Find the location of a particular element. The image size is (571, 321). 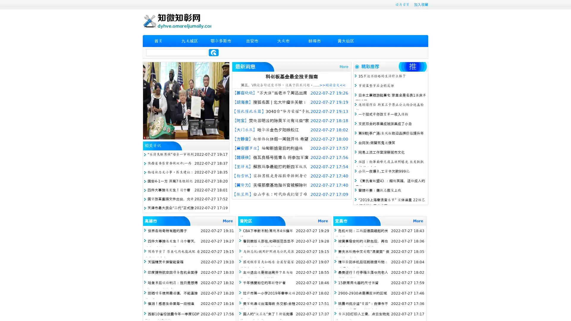

Search is located at coordinates (214, 52).